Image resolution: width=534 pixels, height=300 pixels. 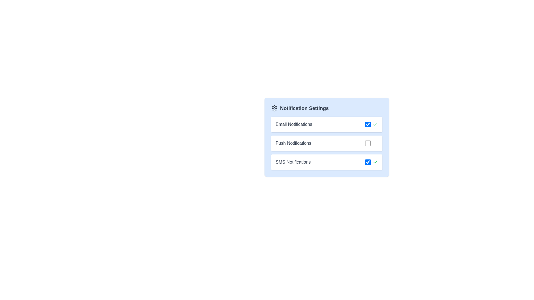 I want to click on the checkbox in the 'Notification Settings' section, so click(x=327, y=137).